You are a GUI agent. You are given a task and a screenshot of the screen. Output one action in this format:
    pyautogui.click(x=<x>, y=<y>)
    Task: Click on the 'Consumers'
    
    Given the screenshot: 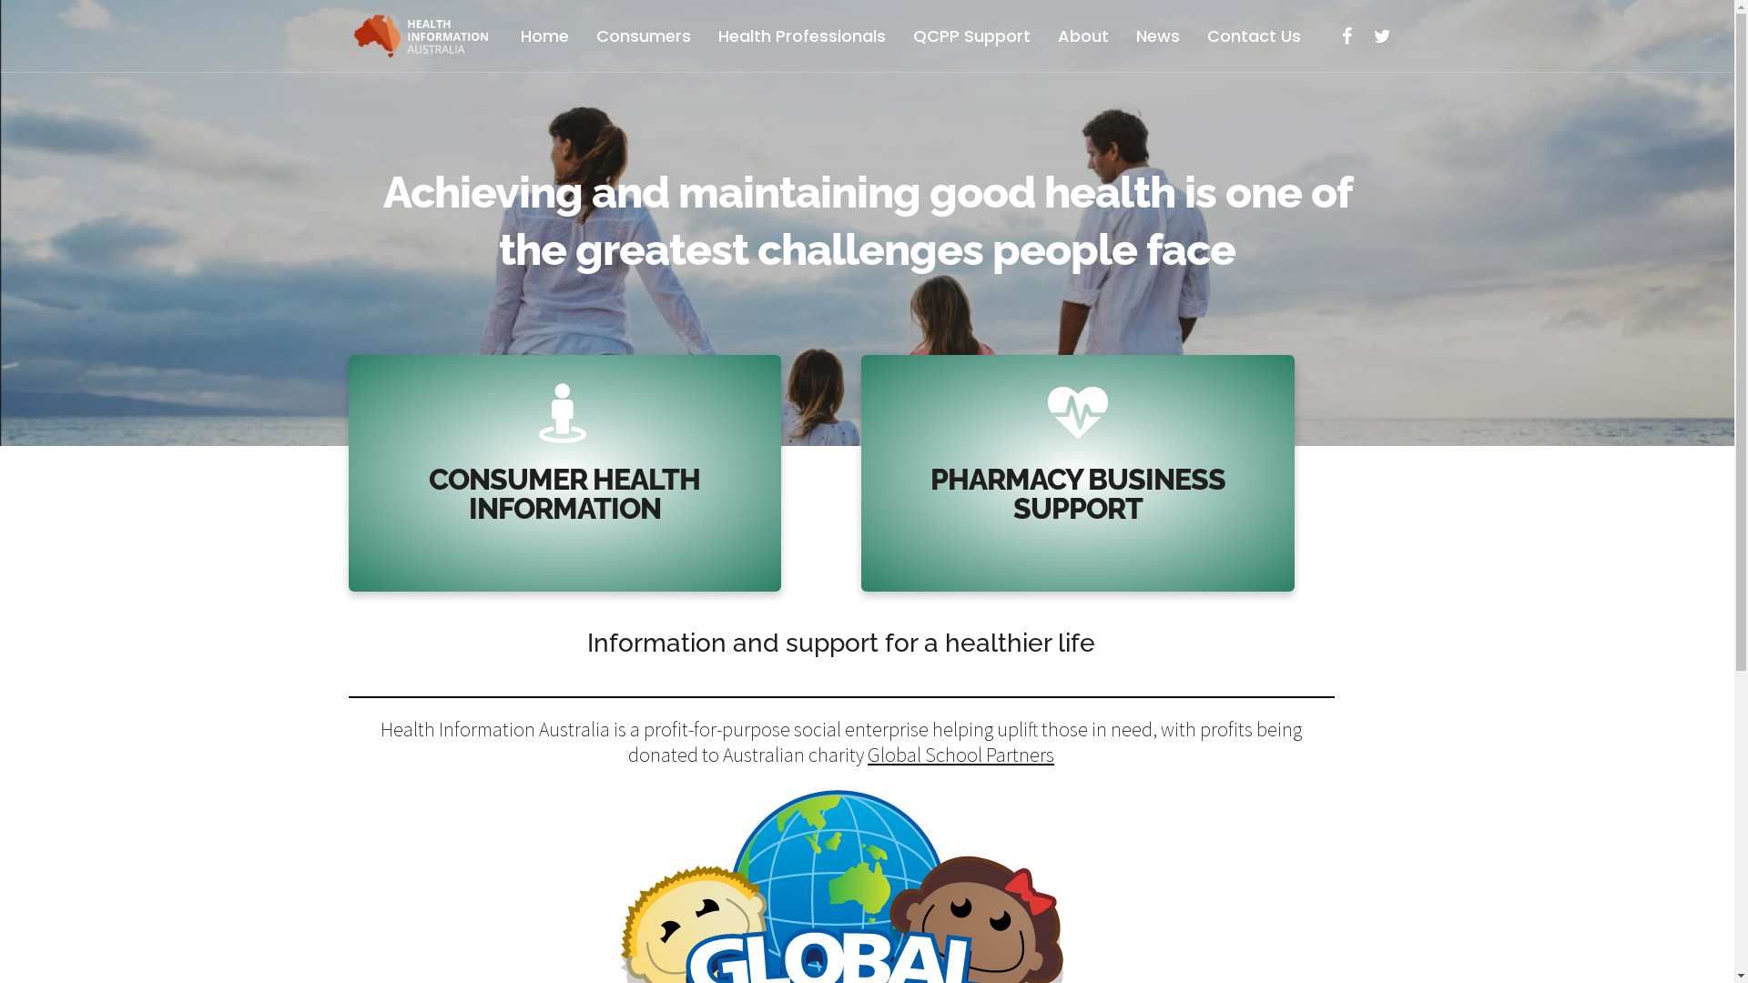 What is the action you would take?
    pyautogui.click(x=643, y=35)
    